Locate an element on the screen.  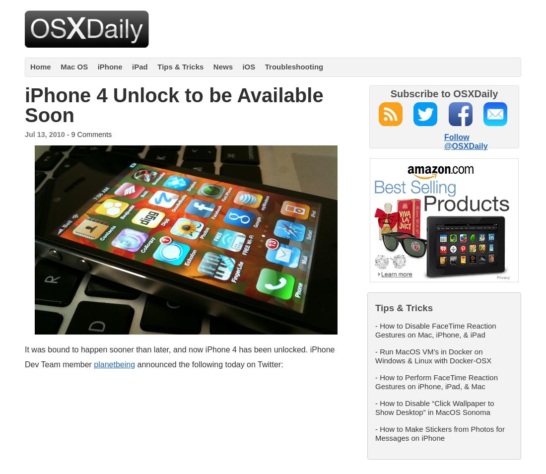
'iOS' is located at coordinates (249, 66).